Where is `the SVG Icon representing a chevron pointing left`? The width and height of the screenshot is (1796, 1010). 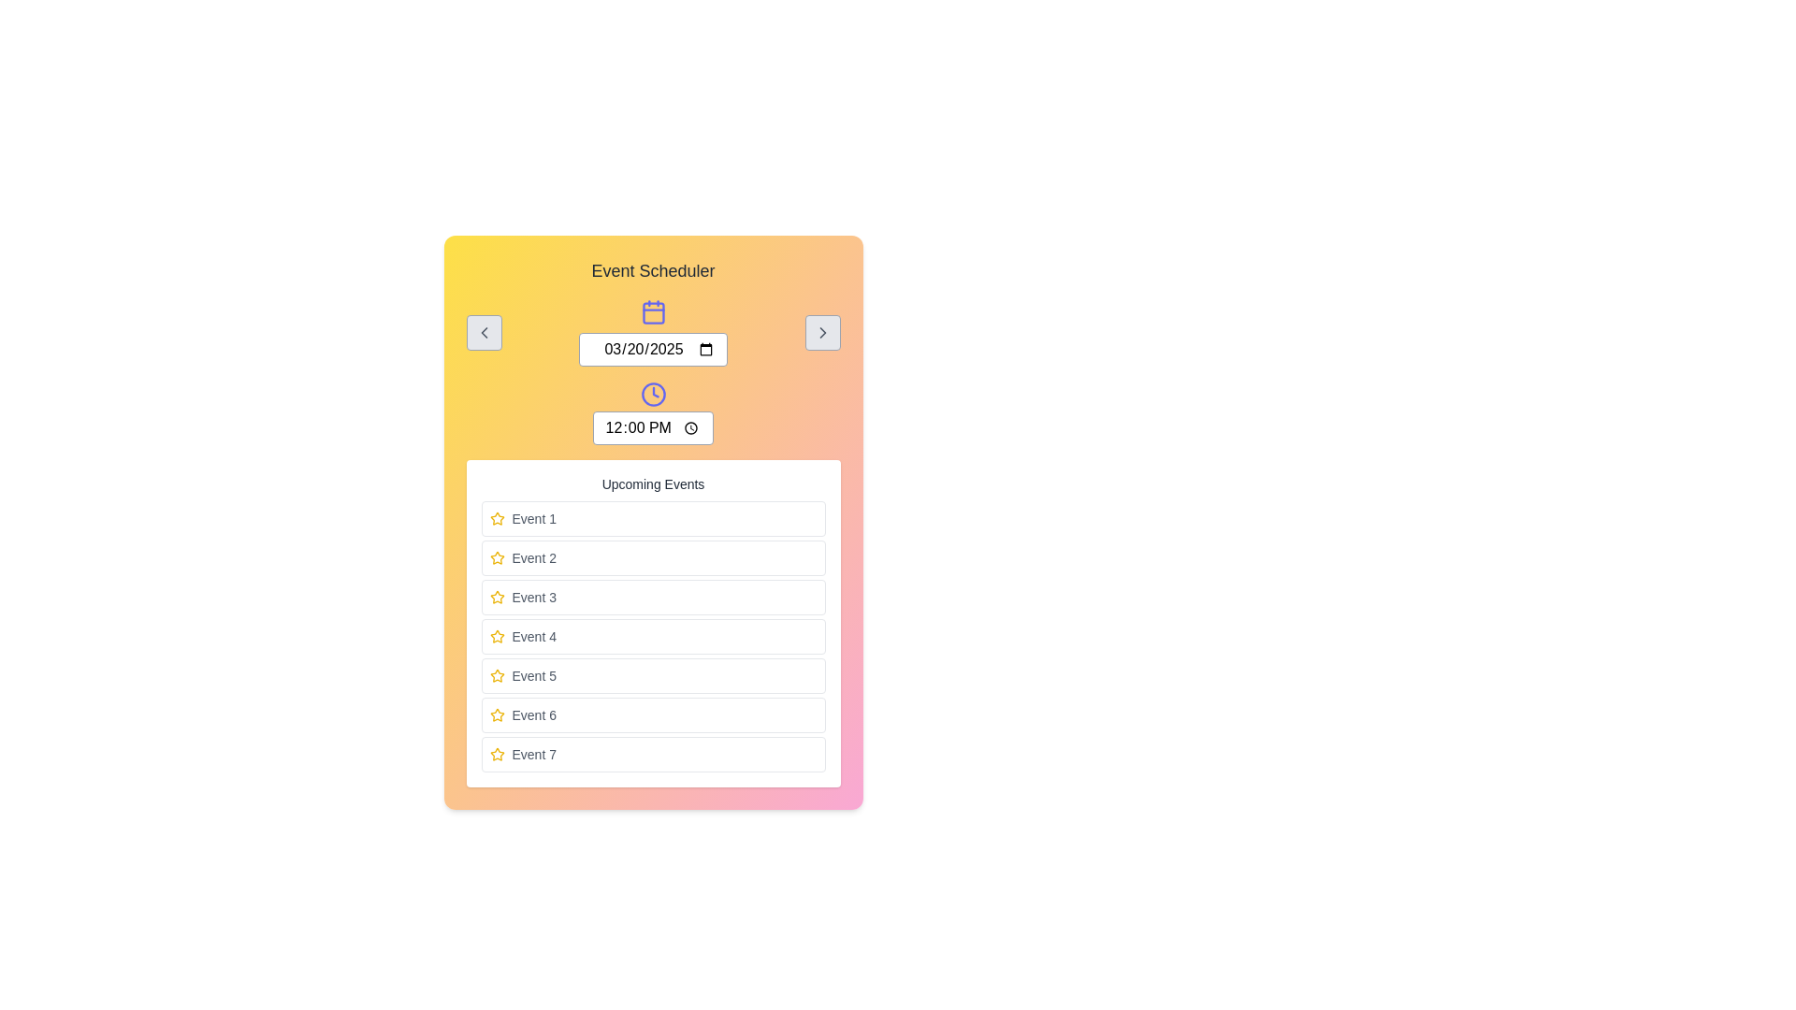 the SVG Icon representing a chevron pointing left is located at coordinates (484, 331).